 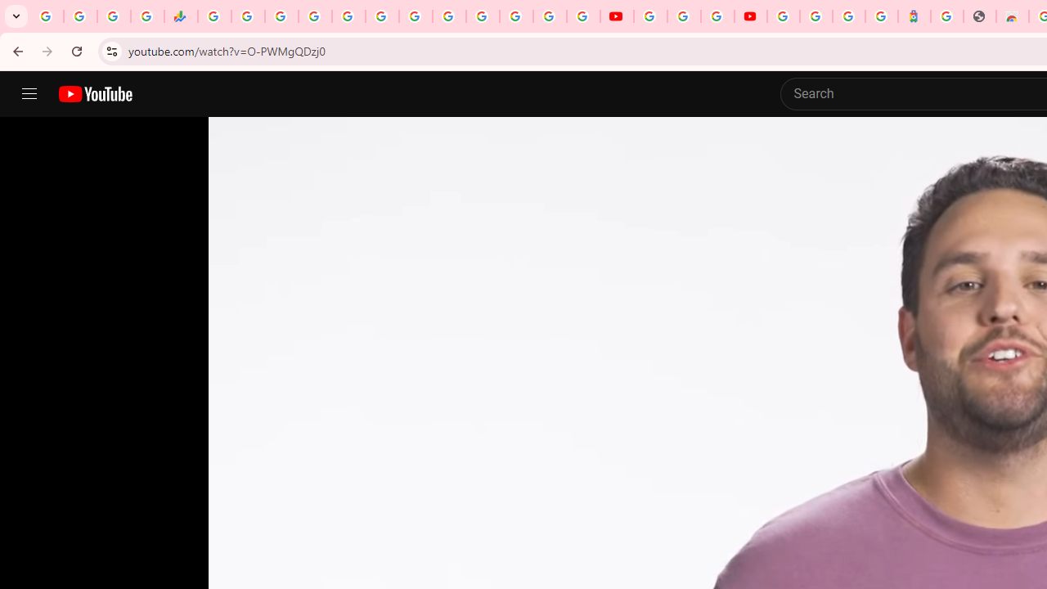 I want to click on 'Privacy Checkup', so click(x=582, y=16).